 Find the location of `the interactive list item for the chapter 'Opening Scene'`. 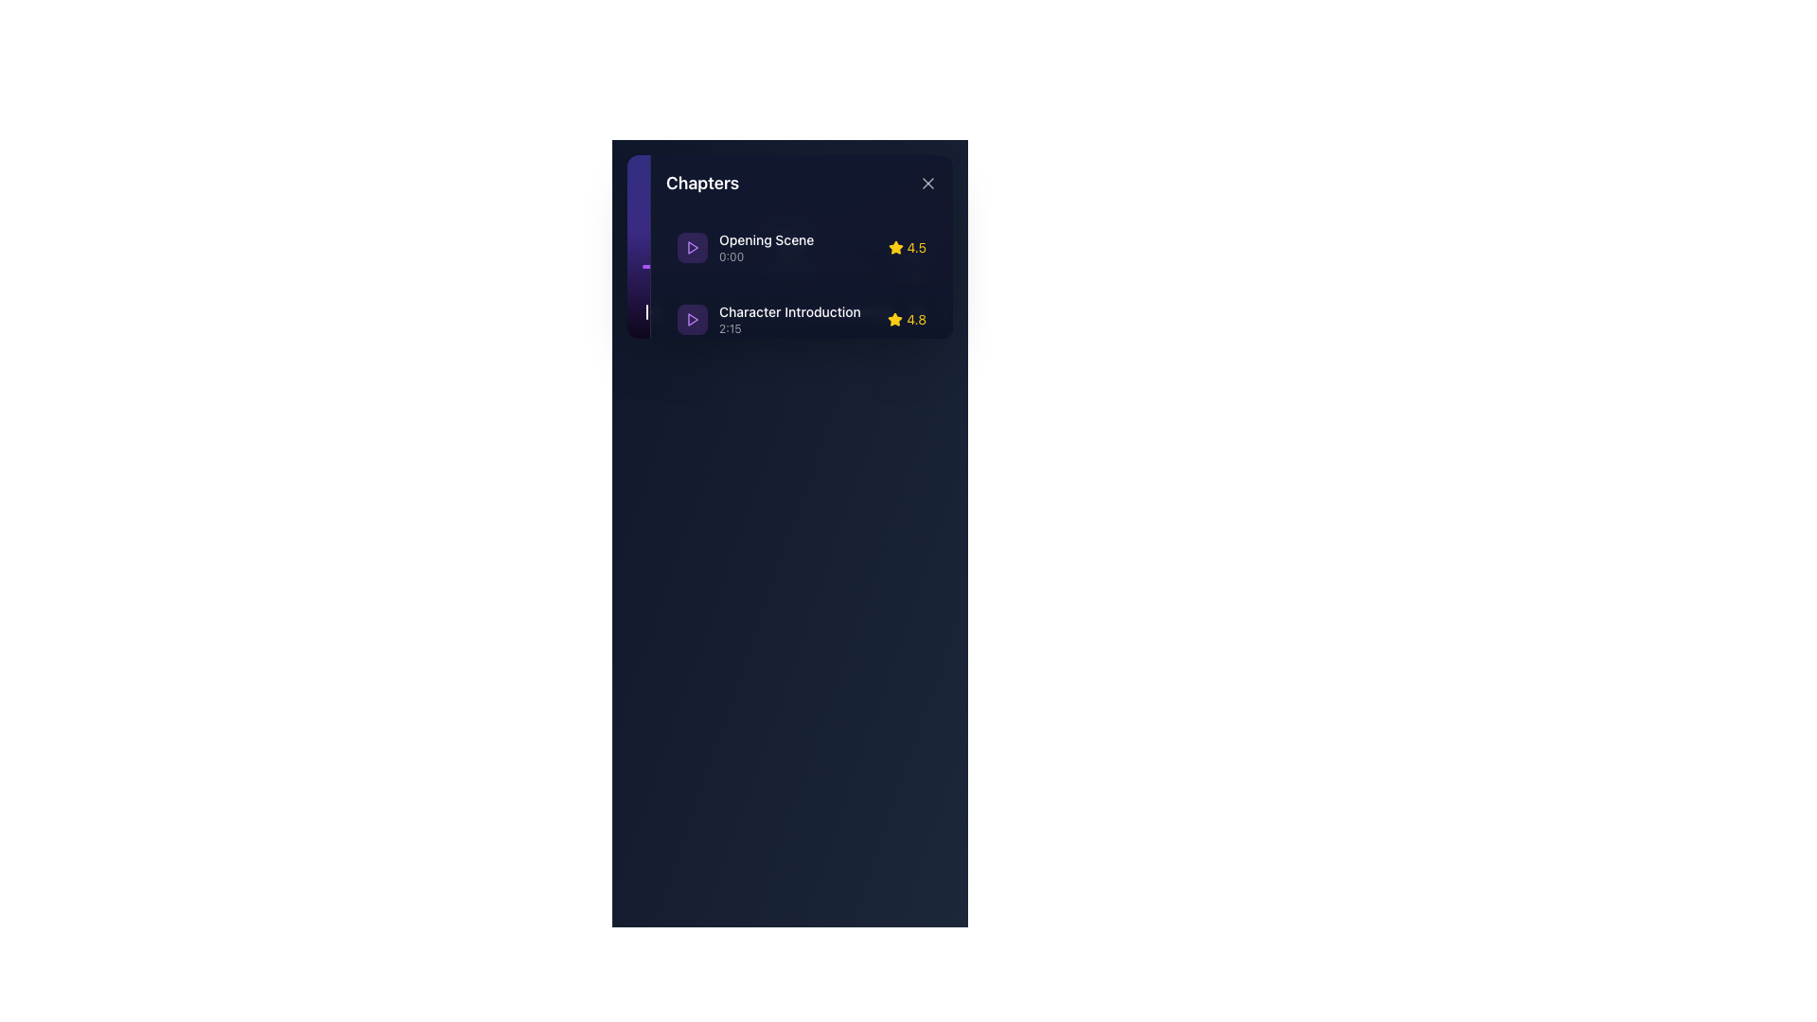

the interactive list item for the chapter 'Opening Scene' is located at coordinates (801, 245).